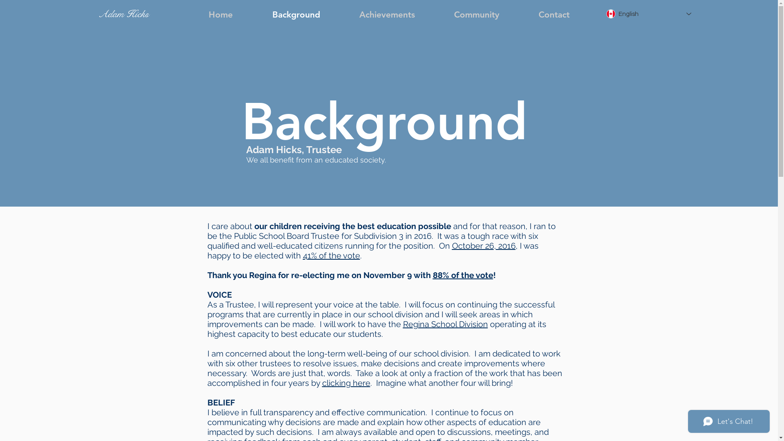  What do you see at coordinates (303, 255) in the screenshot?
I see `'41% of the vote'` at bounding box center [303, 255].